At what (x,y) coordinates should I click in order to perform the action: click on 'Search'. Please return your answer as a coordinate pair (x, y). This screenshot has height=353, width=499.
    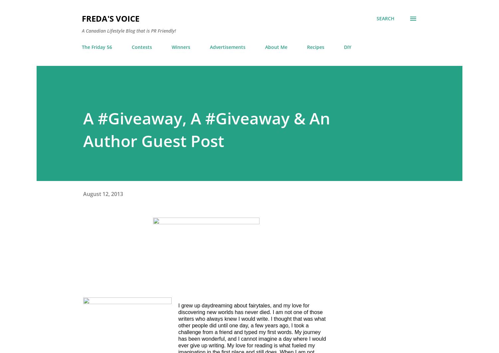
    Looking at the image, I should click on (386, 18).